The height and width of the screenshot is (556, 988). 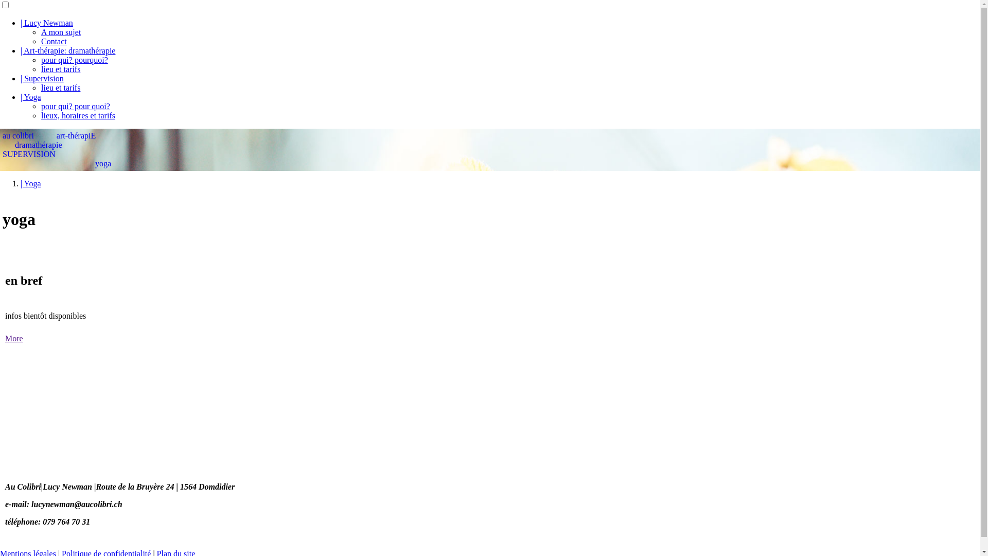 What do you see at coordinates (60, 69) in the screenshot?
I see `'lieu et tarifs'` at bounding box center [60, 69].